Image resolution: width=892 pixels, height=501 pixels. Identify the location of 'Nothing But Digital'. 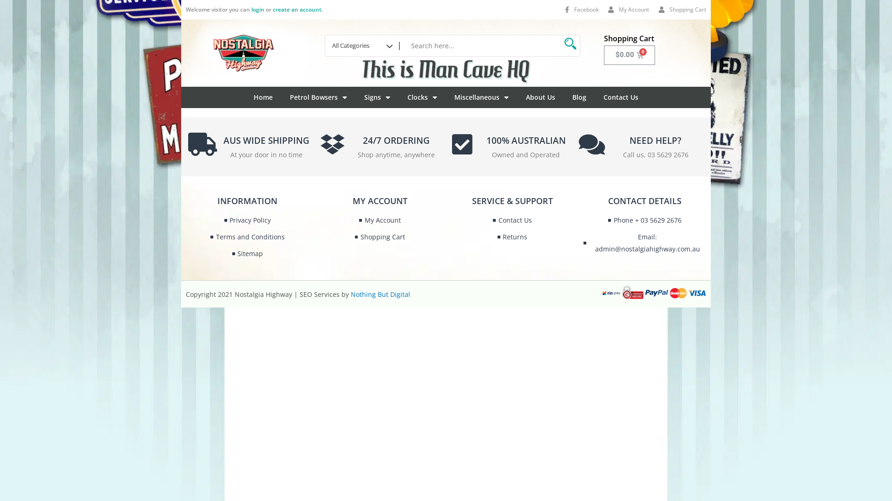
(380, 294).